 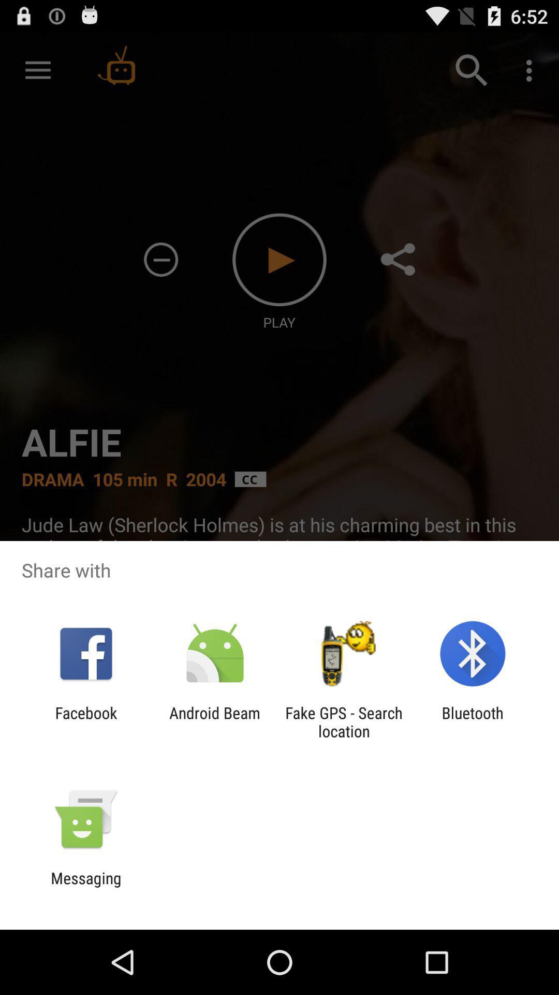 What do you see at coordinates (344, 721) in the screenshot?
I see `the app to the left of the bluetooth` at bounding box center [344, 721].